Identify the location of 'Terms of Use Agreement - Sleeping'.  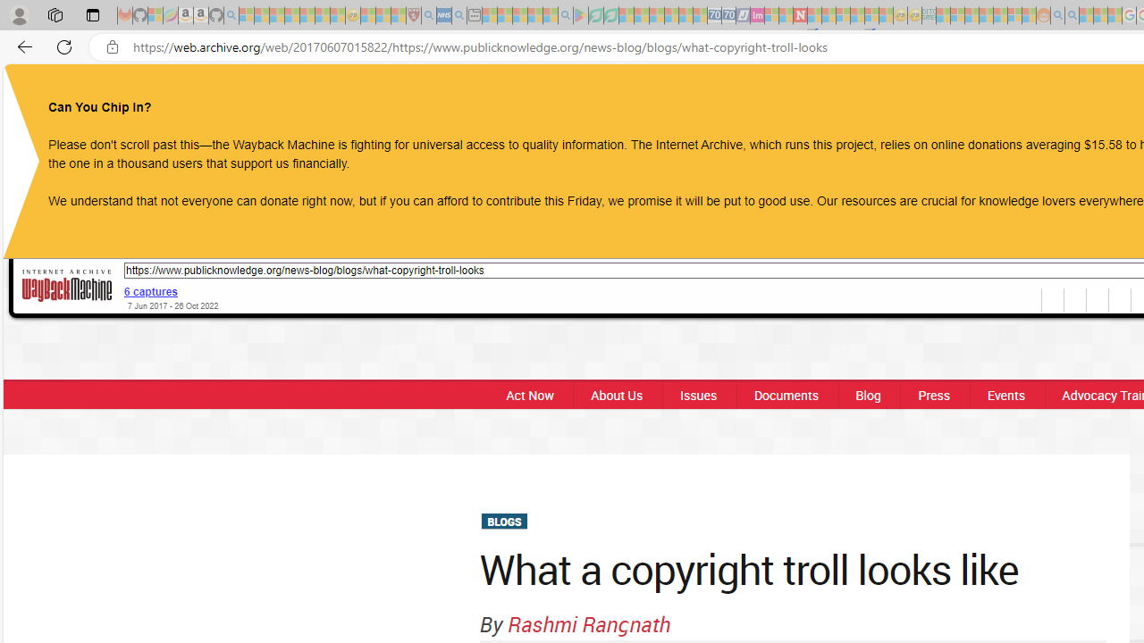
(595, 15).